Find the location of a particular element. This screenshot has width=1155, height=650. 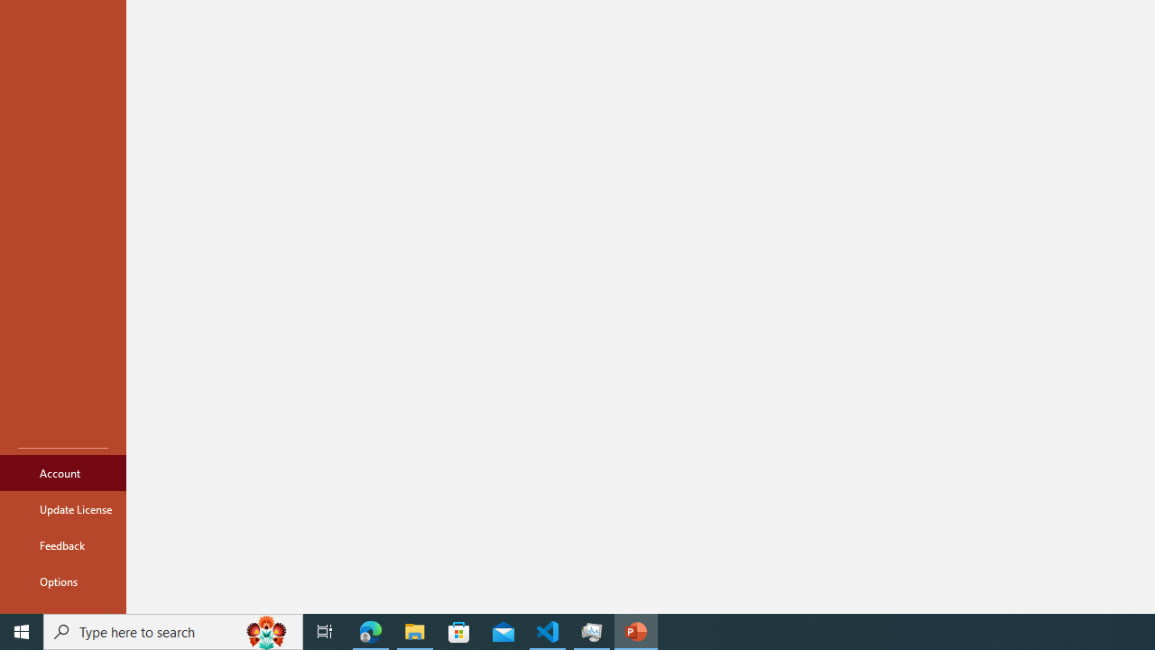

'Update License' is located at coordinates (62, 509).